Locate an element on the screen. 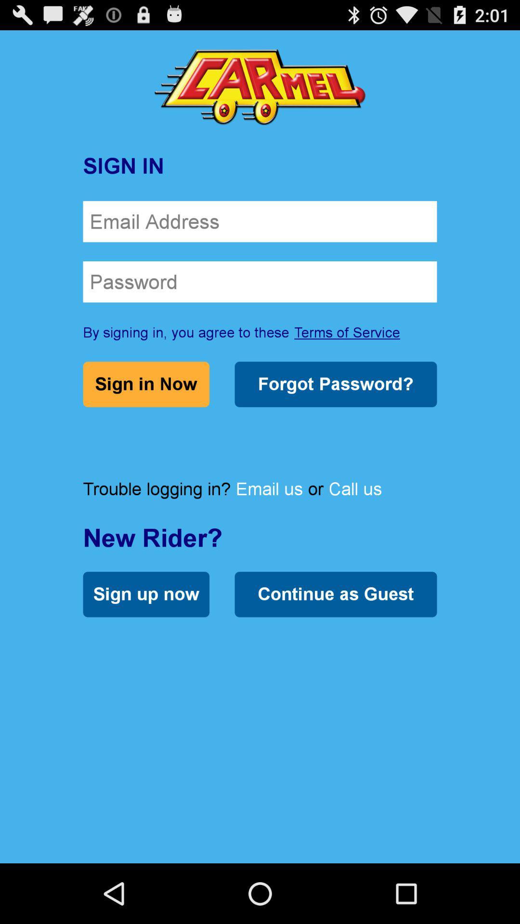  item next to or is located at coordinates (355, 488).